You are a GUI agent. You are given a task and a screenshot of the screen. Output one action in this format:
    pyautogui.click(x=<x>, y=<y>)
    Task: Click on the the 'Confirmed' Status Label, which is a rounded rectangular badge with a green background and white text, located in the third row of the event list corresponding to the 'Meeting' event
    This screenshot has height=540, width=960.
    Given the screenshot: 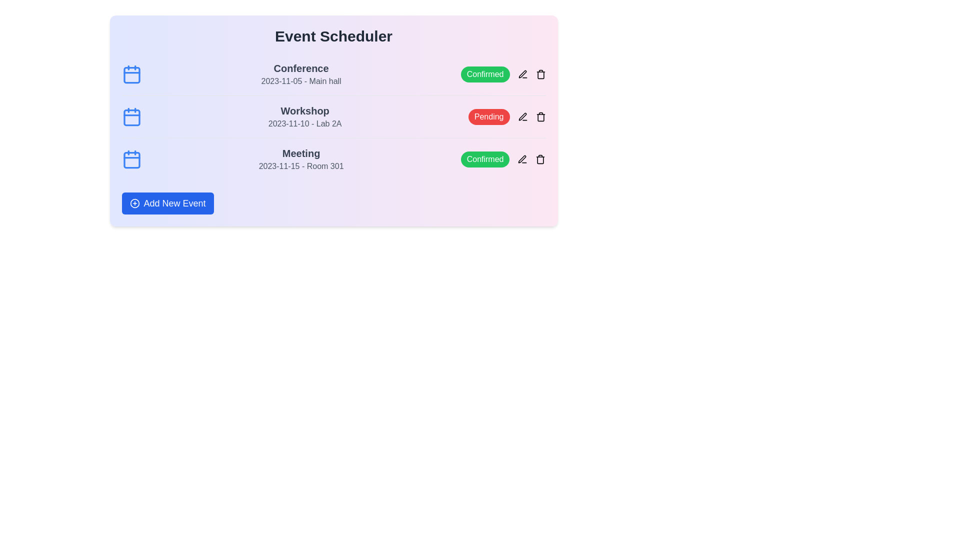 What is the action you would take?
    pyautogui.click(x=485, y=159)
    